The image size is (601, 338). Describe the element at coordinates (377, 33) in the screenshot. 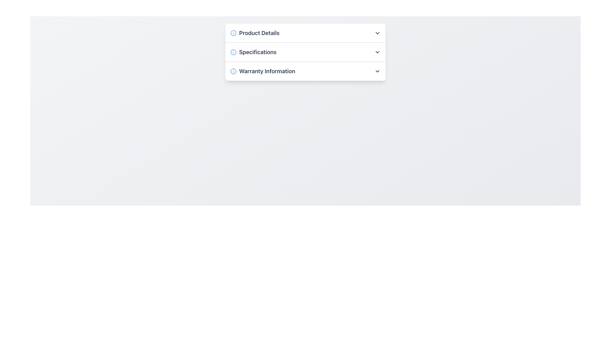

I see `the Dropdown Indicator Icon located at the rightmost part of the 'Product Details' header row` at that location.